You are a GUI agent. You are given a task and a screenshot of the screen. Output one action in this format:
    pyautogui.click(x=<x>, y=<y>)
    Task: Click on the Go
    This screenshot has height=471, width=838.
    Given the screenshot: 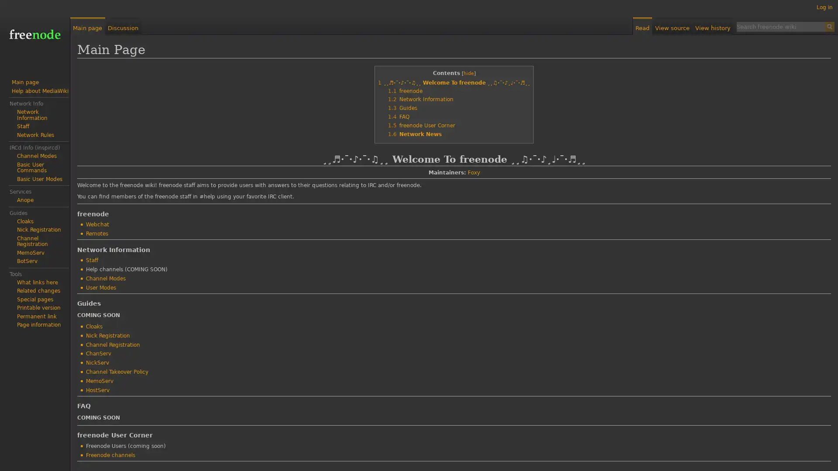 What is the action you would take?
    pyautogui.click(x=829, y=26)
    